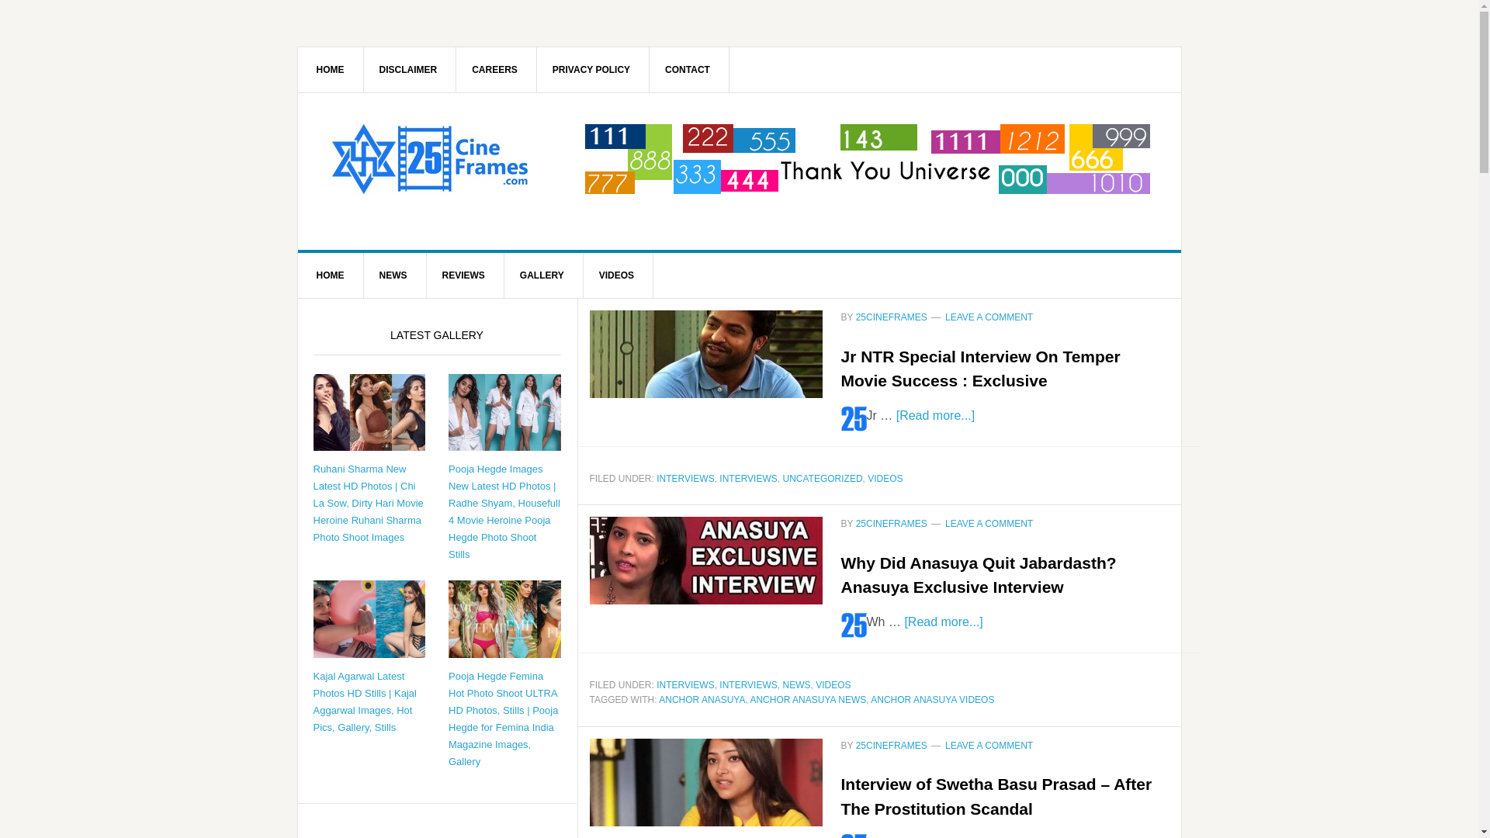 Image resolution: width=1490 pixels, height=838 pixels. Describe the element at coordinates (656, 684) in the screenshot. I see `'INTERVIEWS'` at that location.